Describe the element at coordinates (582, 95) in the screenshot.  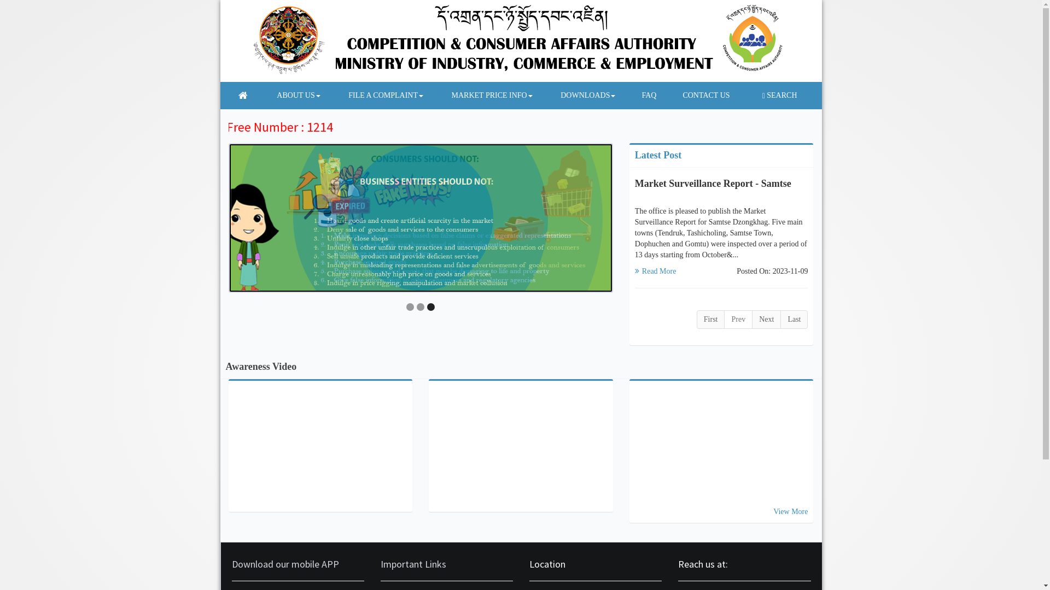
I see `'DOWNLOADS'` at that location.